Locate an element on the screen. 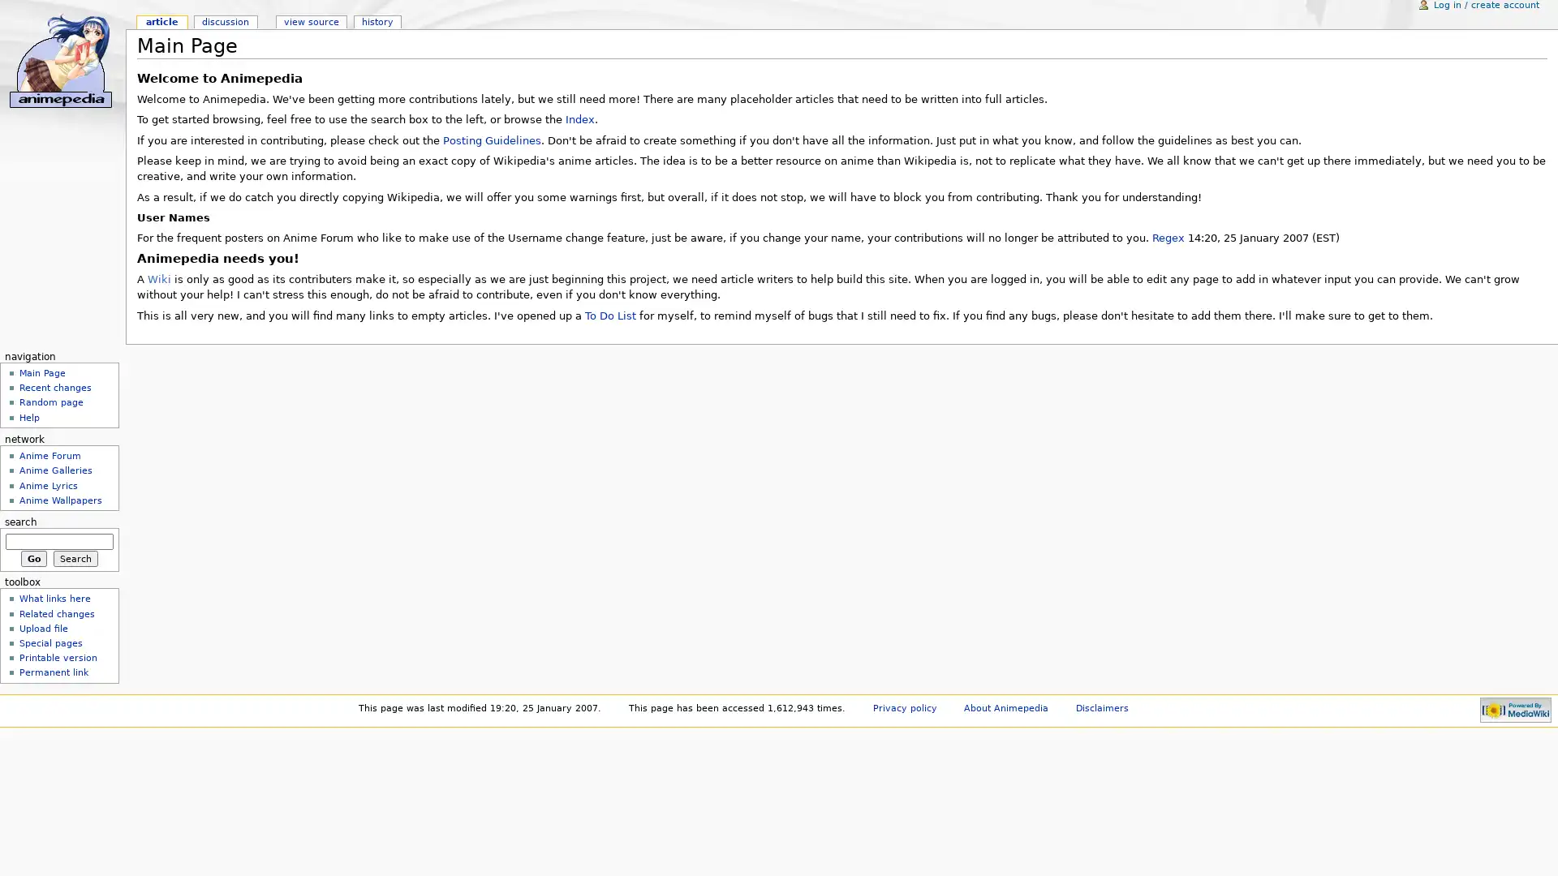 The width and height of the screenshot is (1558, 876). Go is located at coordinates (33, 556).